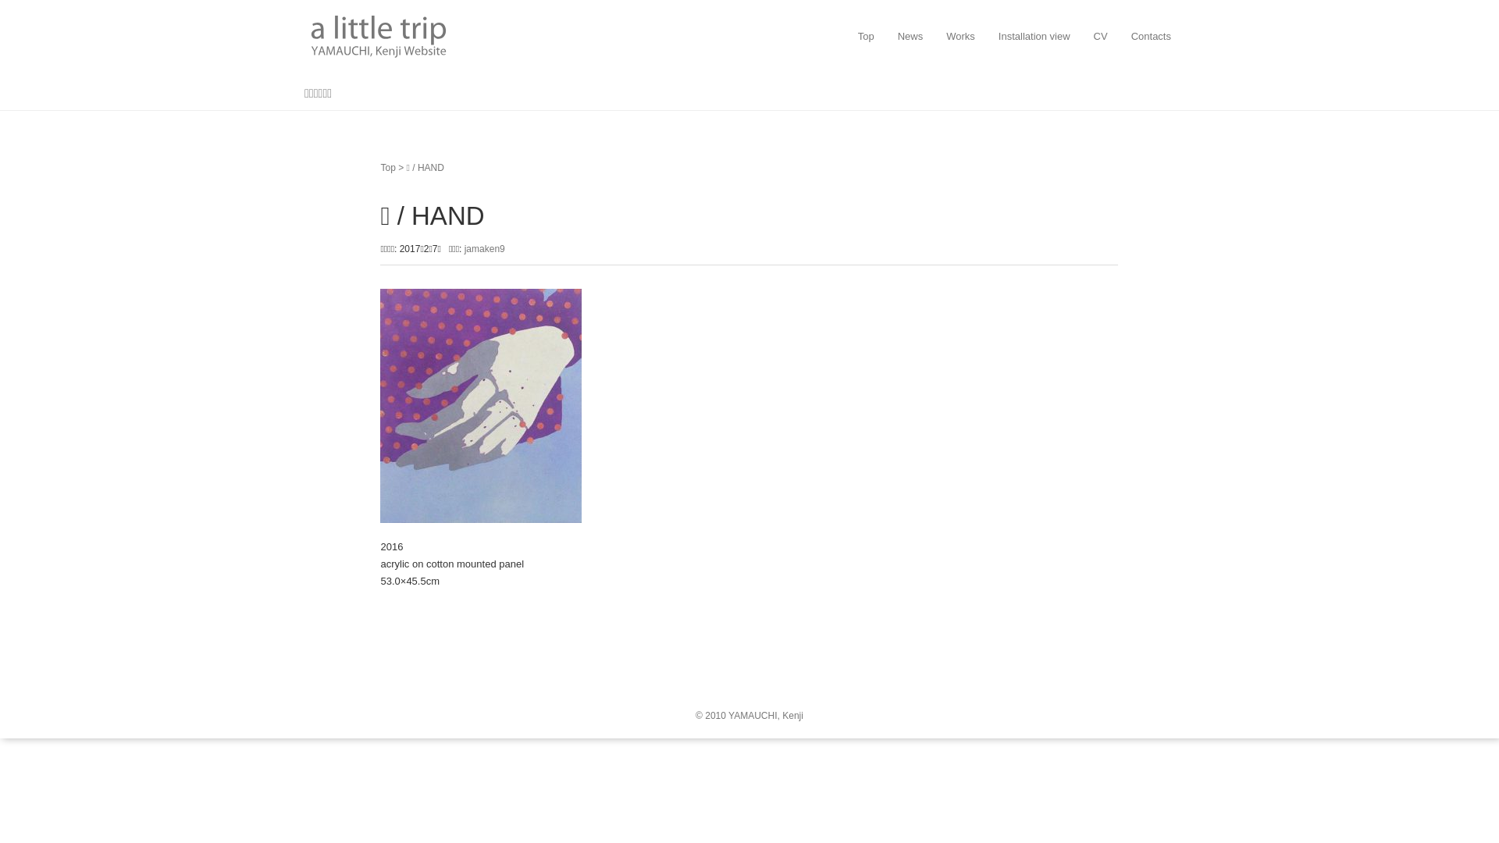 This screenshot has width=1499, height=843. What do you see at coordinates (333, 670) in the screenshot?
I see `'facebook'` at bounding box center [333, 670].